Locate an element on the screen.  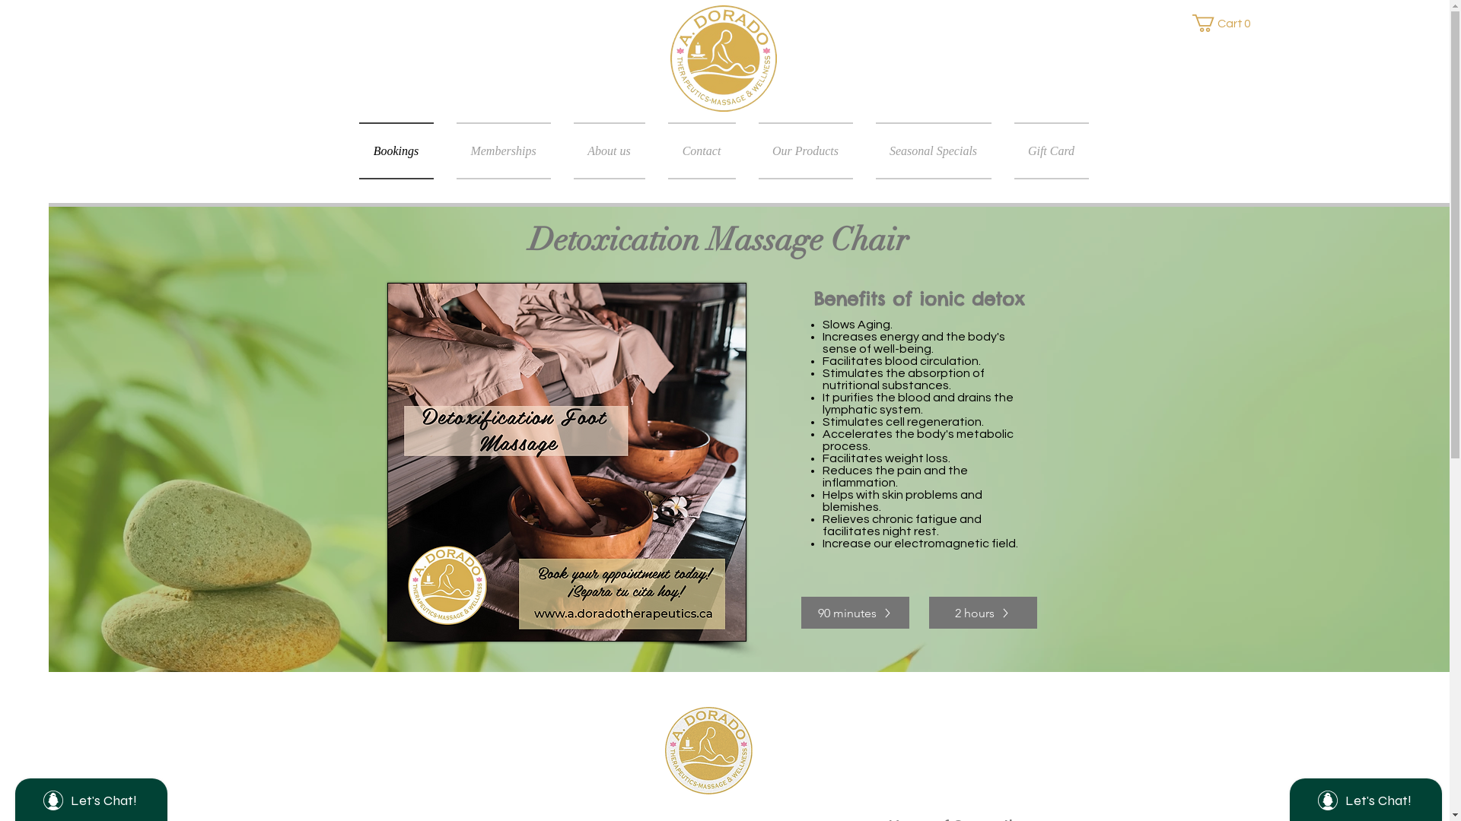
'90 minutes' is located at coordinates (855, 612).